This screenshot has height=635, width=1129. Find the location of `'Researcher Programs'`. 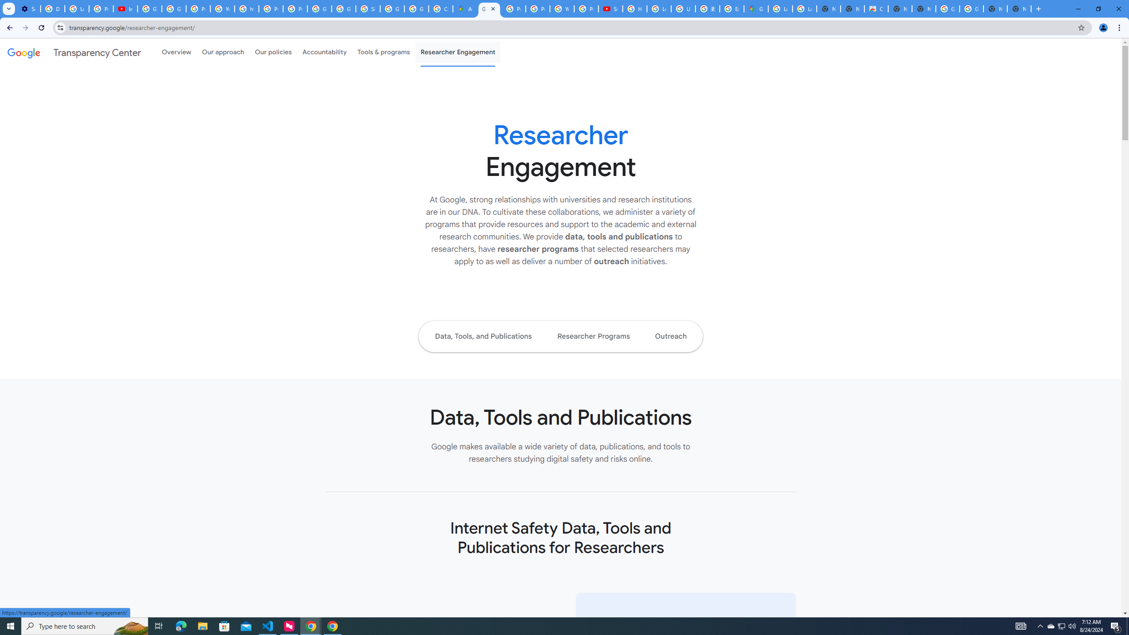

'Researcher Programs' is located at coordinates (593, 336).